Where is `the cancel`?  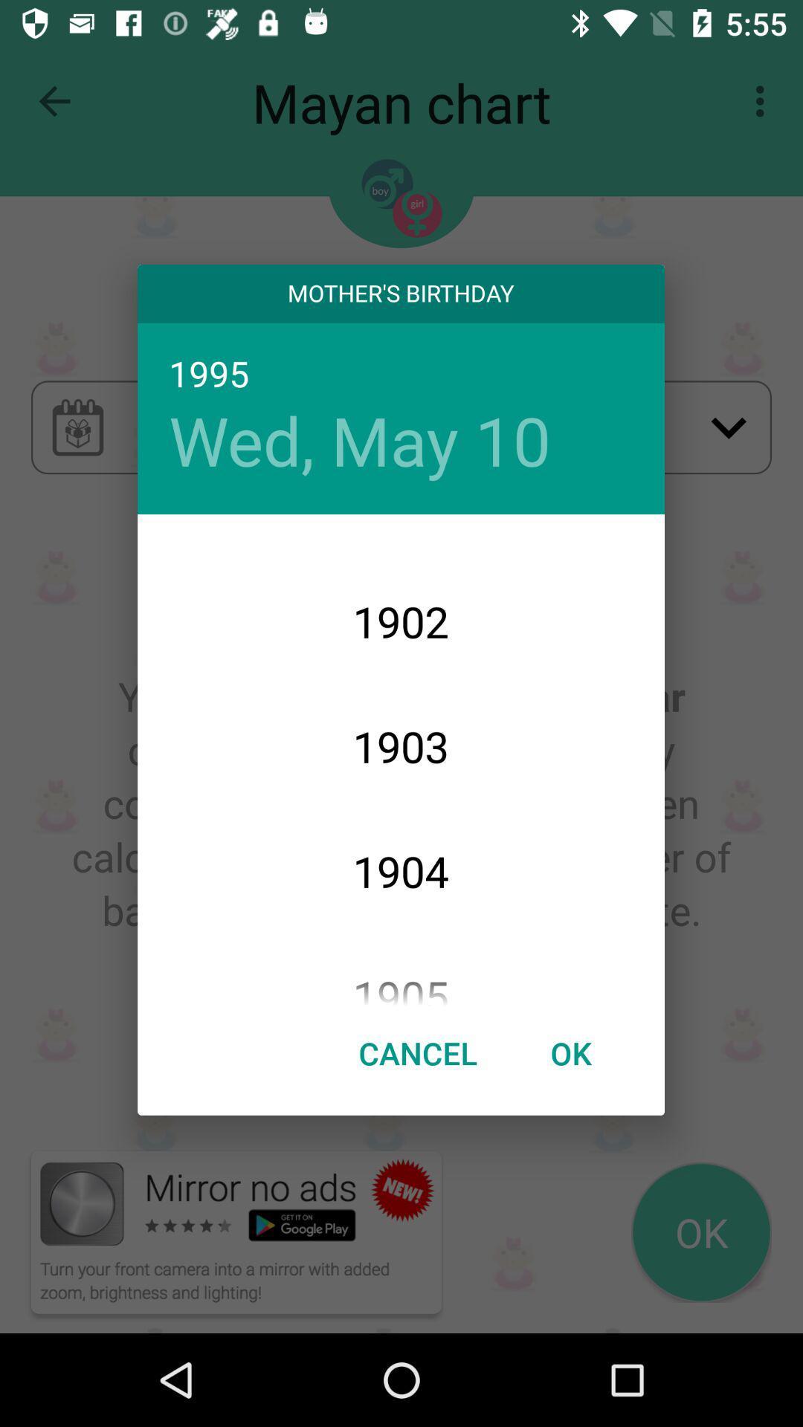 the cancel is located at coordinates (418, 1052).